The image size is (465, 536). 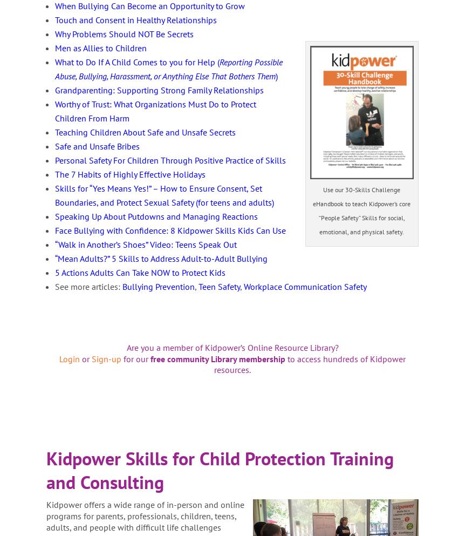 I want to click on 'Use our 30-Skills Challenge eHandbook to teach Kidpower’s core “People Safety” Skills for social, emotional, and physical safety.', so click(x=361, y=210).